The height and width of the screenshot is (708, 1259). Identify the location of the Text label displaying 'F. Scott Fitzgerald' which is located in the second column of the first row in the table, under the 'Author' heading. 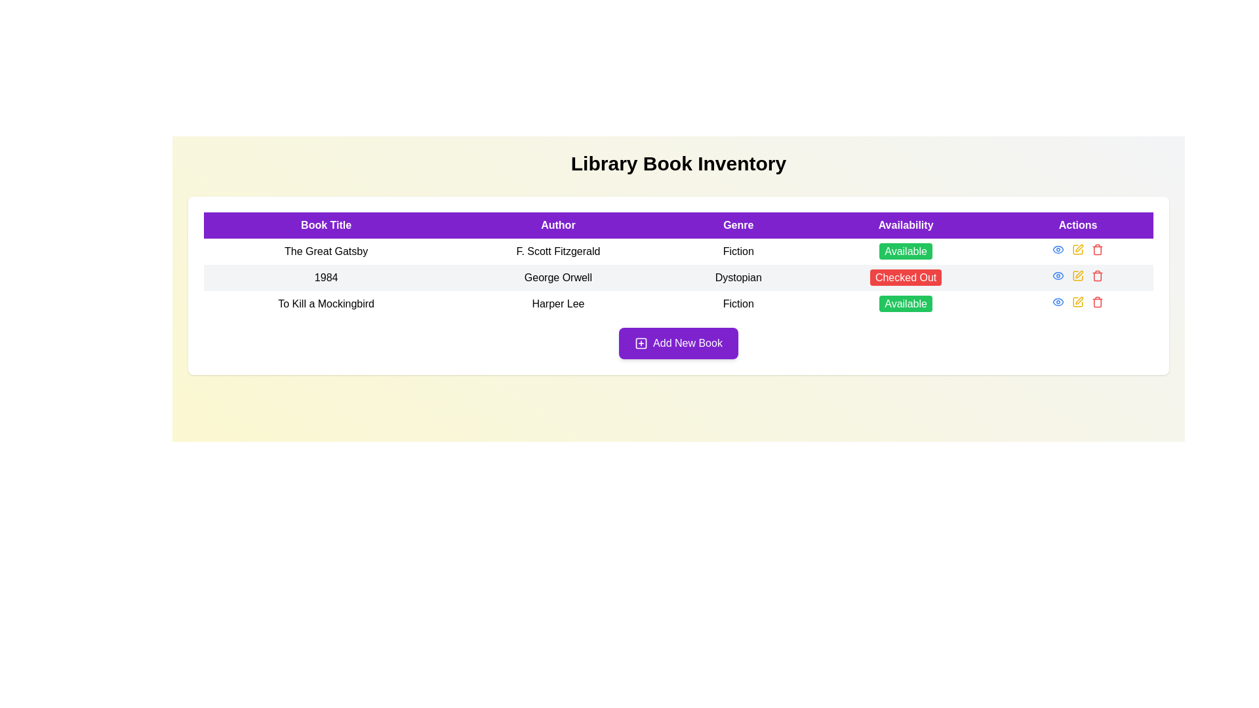
(558, 252).